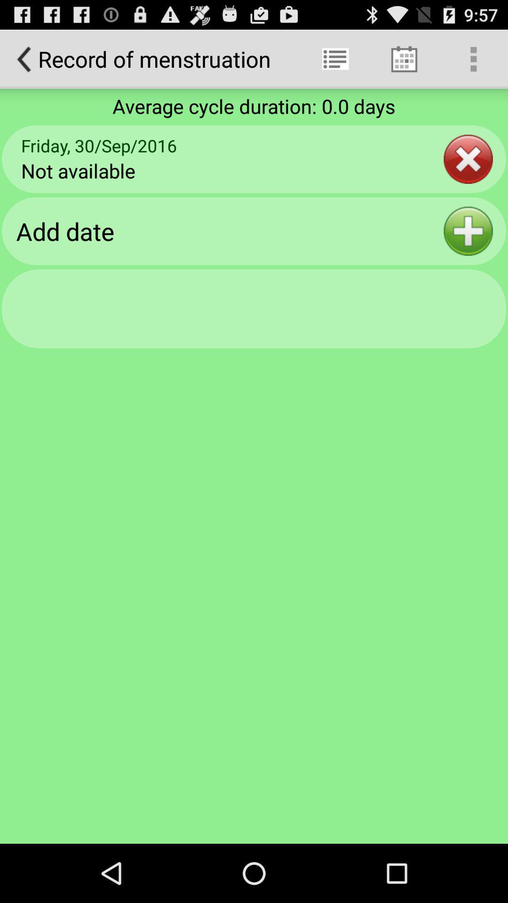 The height and width of the screenshot is (903, 508). Describe the element at coordinates (468, 231) in the screenshot. I see `button` at that location.